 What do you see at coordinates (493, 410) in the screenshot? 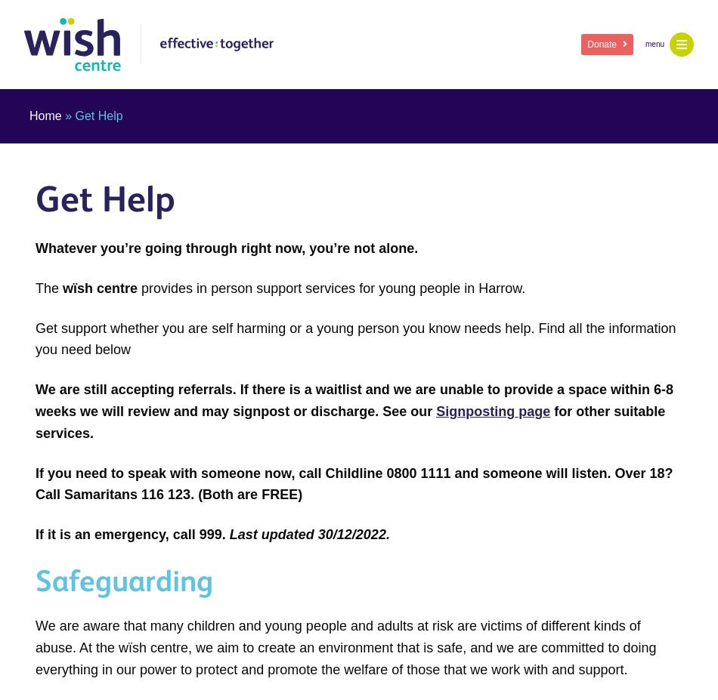
I see `'Signposting page'` at bounding box center [493, 410].